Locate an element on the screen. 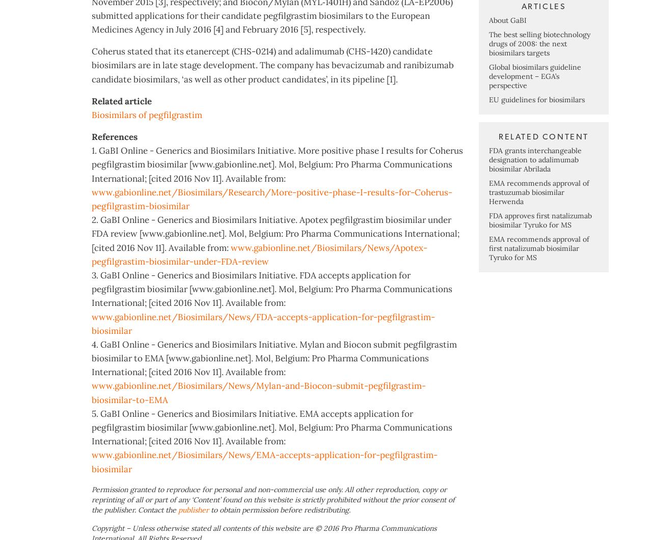 This screenshot has width=652, height=540. 'FDA grants interchangeable designation to adalimumab biosimilar Abrilada' is located at coordinates (535, 200).